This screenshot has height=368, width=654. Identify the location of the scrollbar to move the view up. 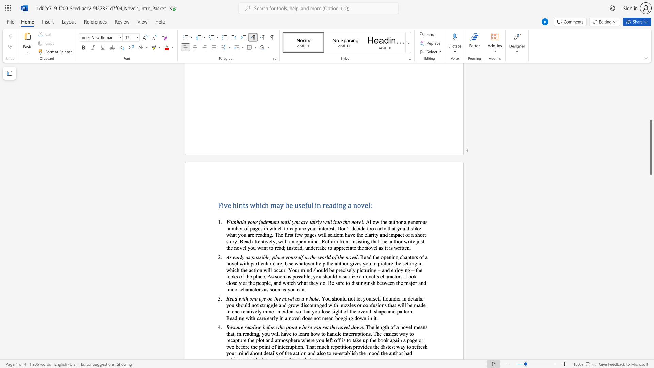
(650, 153).